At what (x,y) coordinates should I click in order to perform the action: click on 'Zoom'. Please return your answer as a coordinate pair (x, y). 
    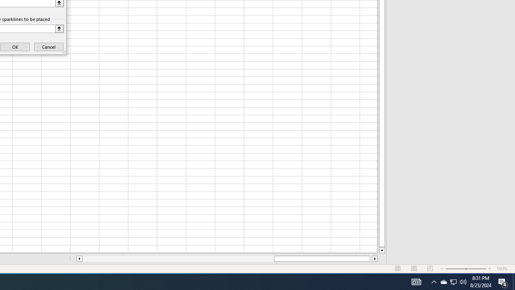
    Looking at the image, I should click on (466, 269).